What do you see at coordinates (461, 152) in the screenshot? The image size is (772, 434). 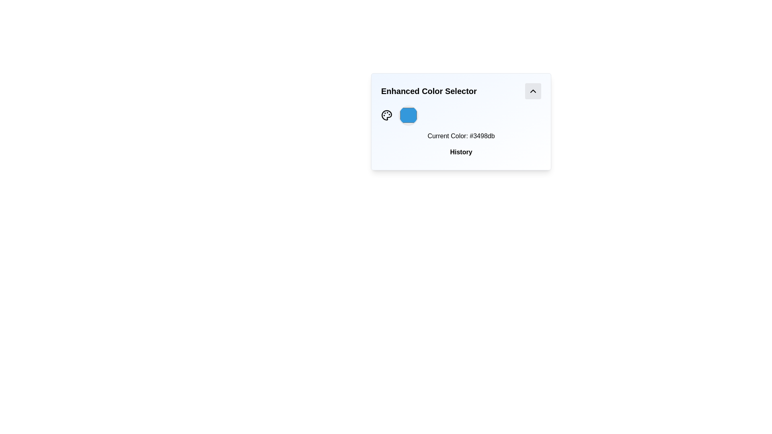 I see `the 'History' text label, which is styled in bold and serves as a section title, positioned below the 'Current Color: #3498db' text` at bounding box center [461, 152].